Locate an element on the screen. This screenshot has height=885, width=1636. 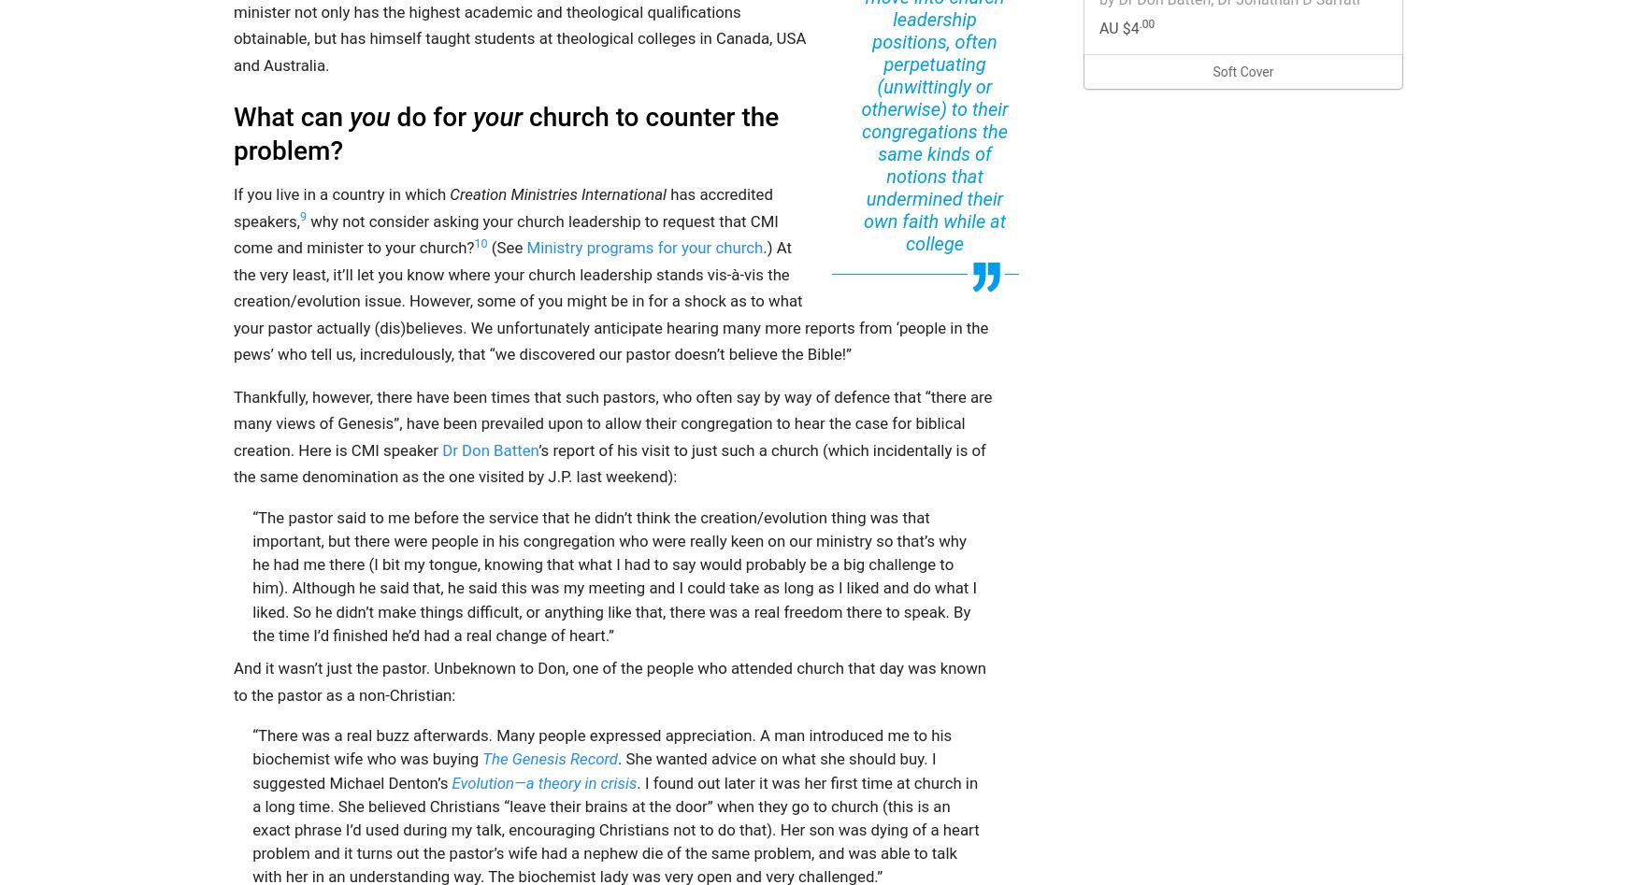
'.)
At the very least, it’ll let you know where your church leadership stands
vis-à-vis the creation/evolution issue. However, some of you might be in
for a shock as to what your pastor actually (dis)believes. We unfortunately anticipate
hearing many more reports from ‘people in the pews’ who tell us, incredulously,
that “we discovered our pastor doesn’t believe the Bible!”' is located at coordinates (234, 299).